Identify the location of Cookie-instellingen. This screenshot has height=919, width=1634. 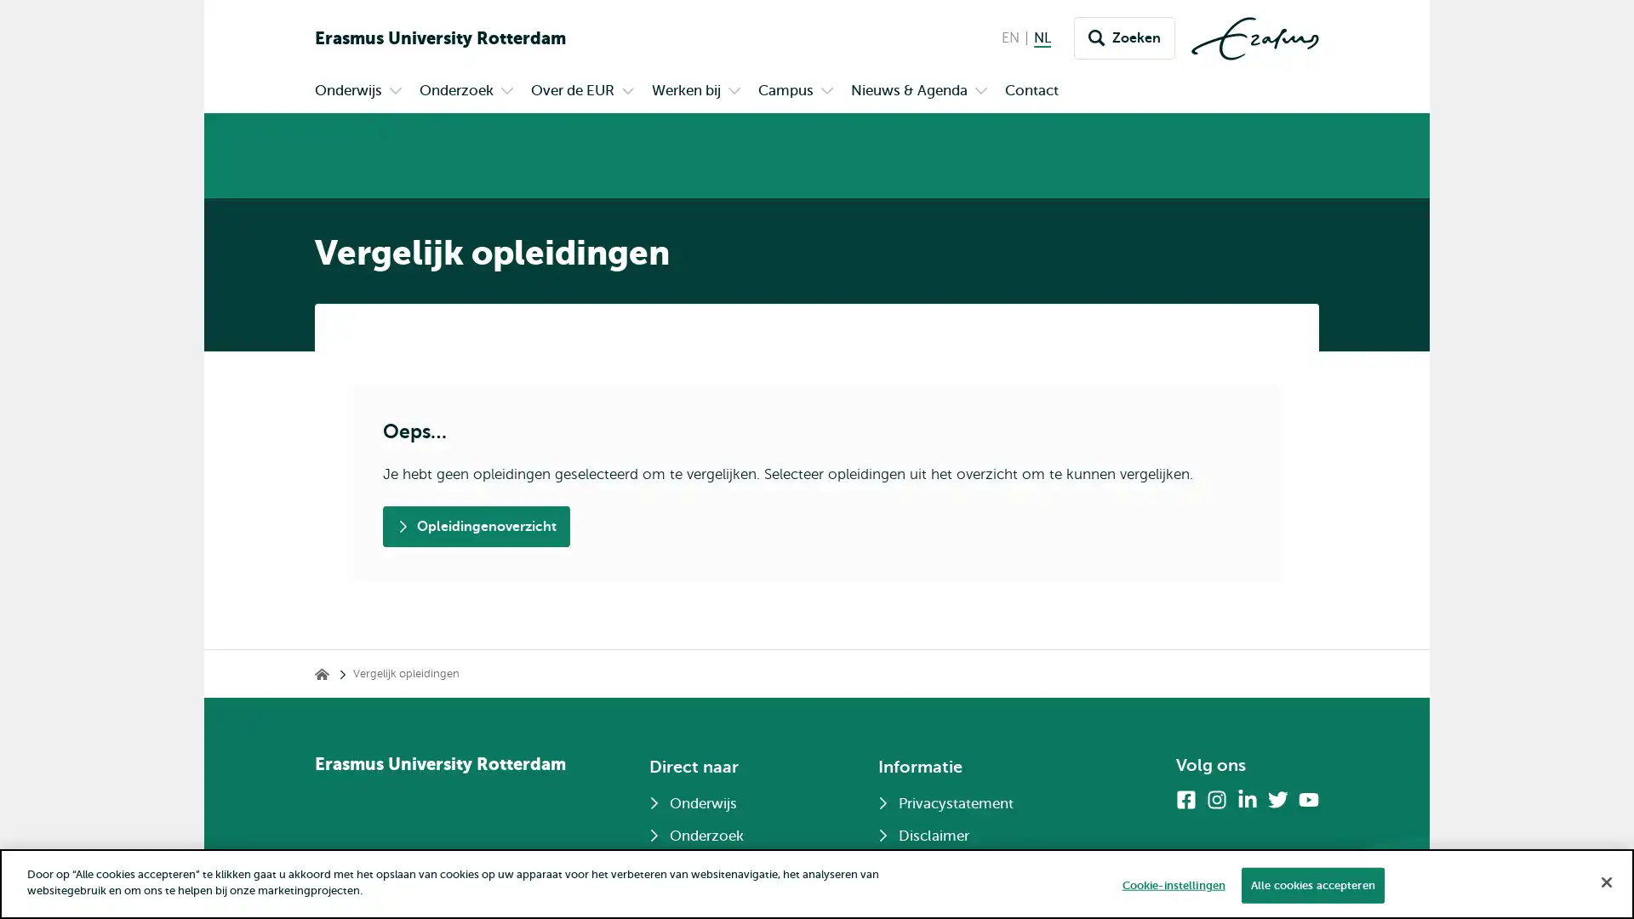
(1172, 884).